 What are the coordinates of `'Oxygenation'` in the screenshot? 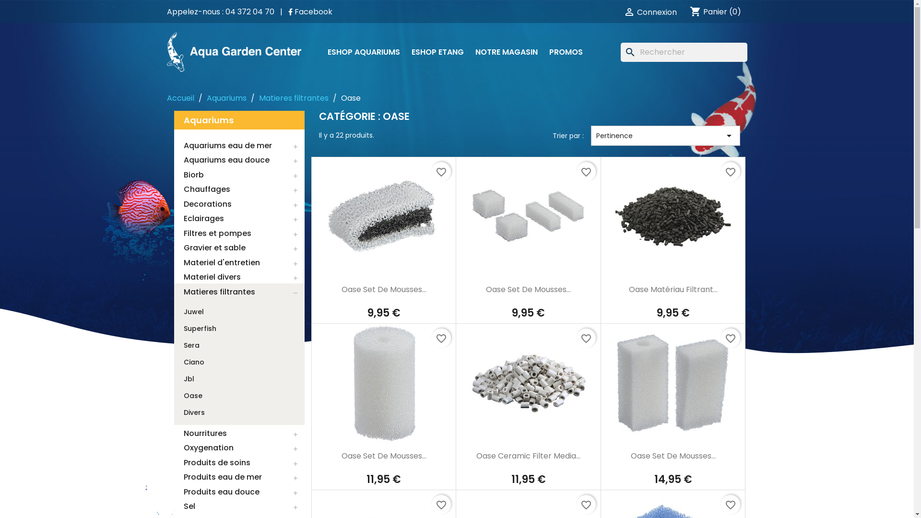 It's located at (239, 448).